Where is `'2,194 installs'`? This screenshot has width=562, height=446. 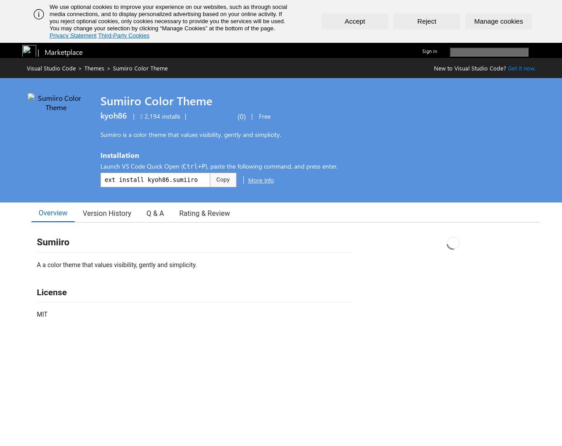
'2,194 installs' is located at coordinates (142, 116).